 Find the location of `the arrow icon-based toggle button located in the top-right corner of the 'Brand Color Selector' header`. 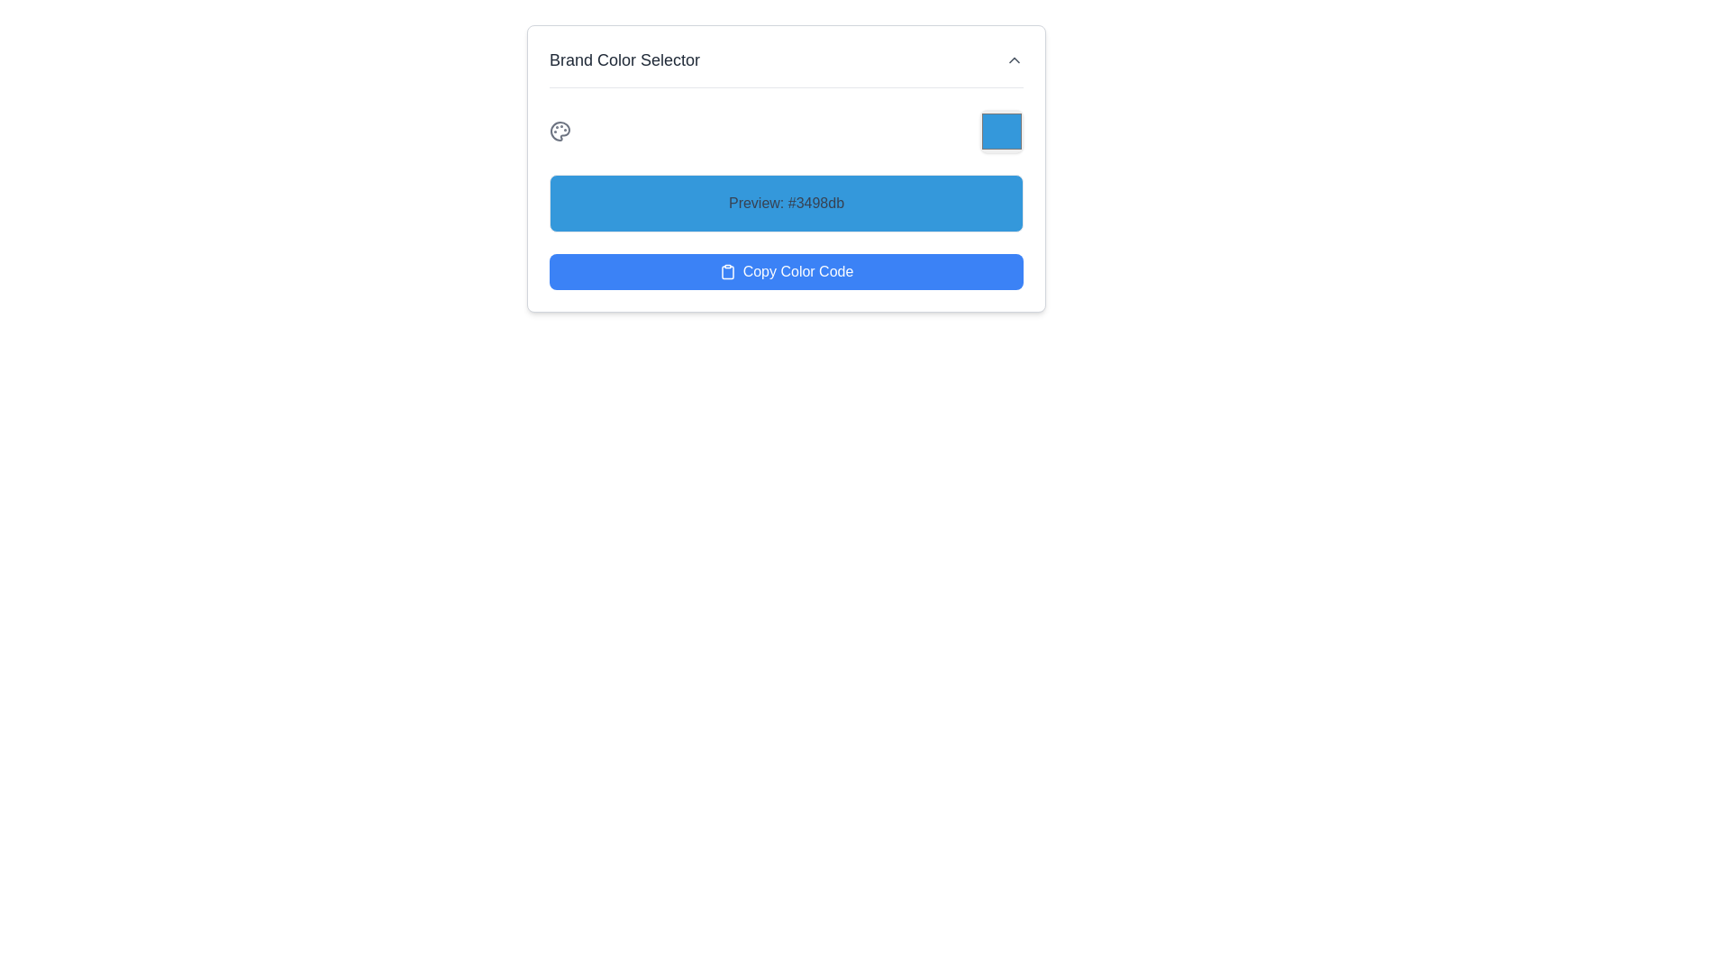

the arrow icon-based toggle button located in the top-right corner of the 'Brand Color Selector' header is located at coordinates (1015, 59).